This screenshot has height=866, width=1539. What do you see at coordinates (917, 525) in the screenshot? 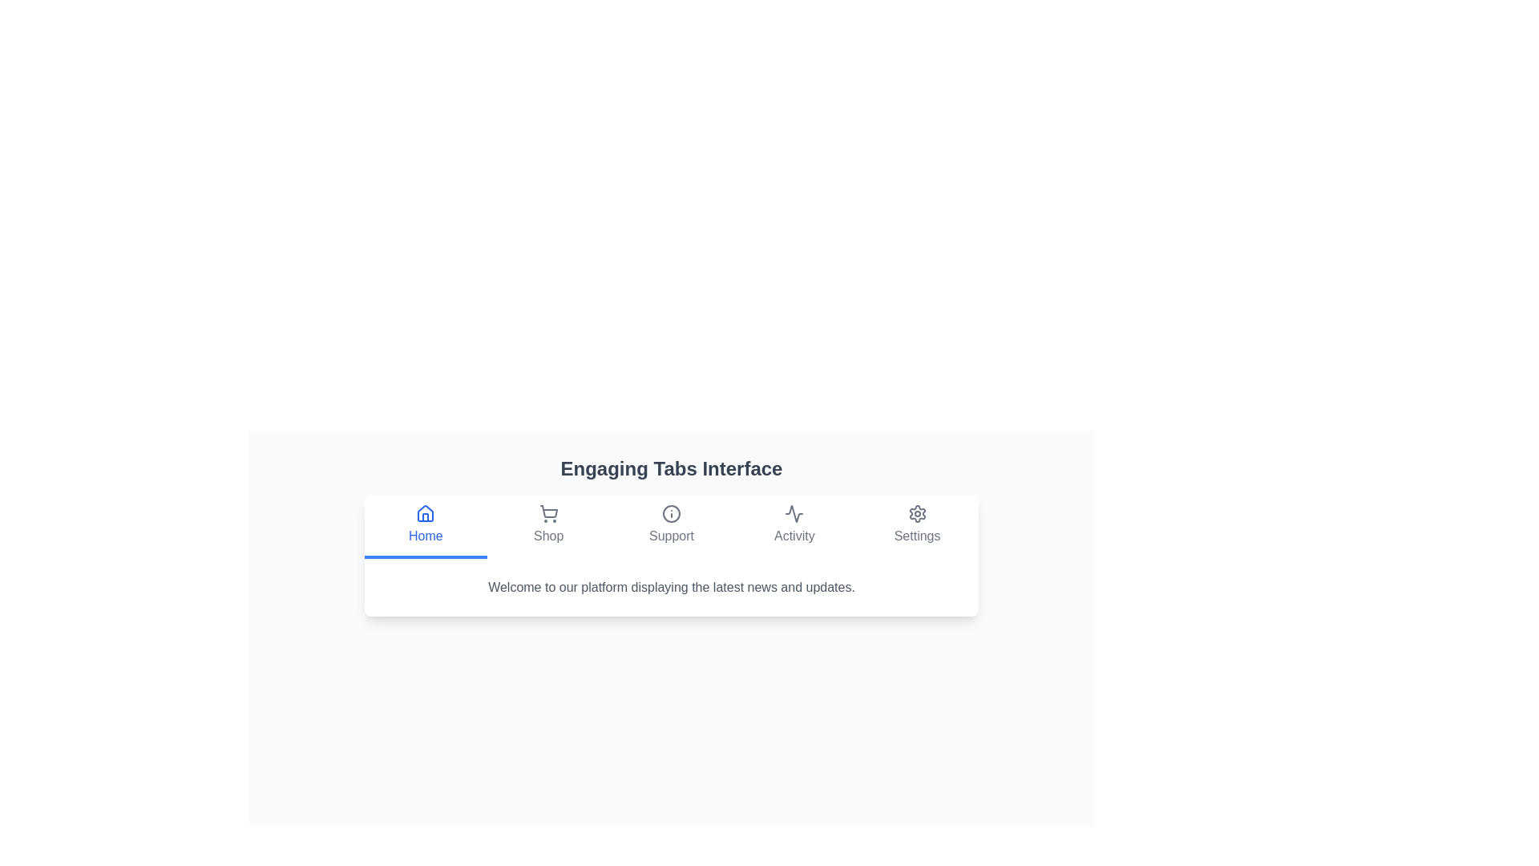
I see `the 'Settings' navigation tab located at the far right of the navigation series` at bounding box center [917, 525].